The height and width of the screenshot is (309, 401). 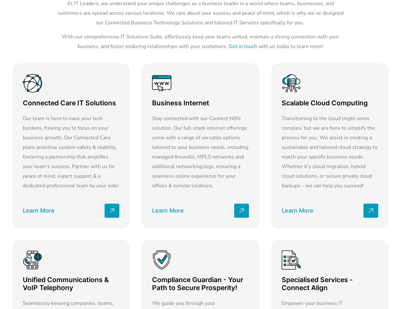 I want to click on 'Specialised Services -', so click(x=317, y=280).